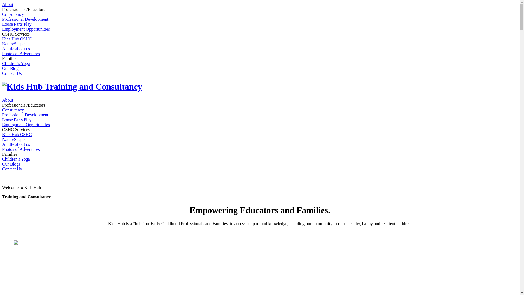  Describe the element at coordinates (16, 159) in the screenshot. I see `'Children's Yoga'` at that location.